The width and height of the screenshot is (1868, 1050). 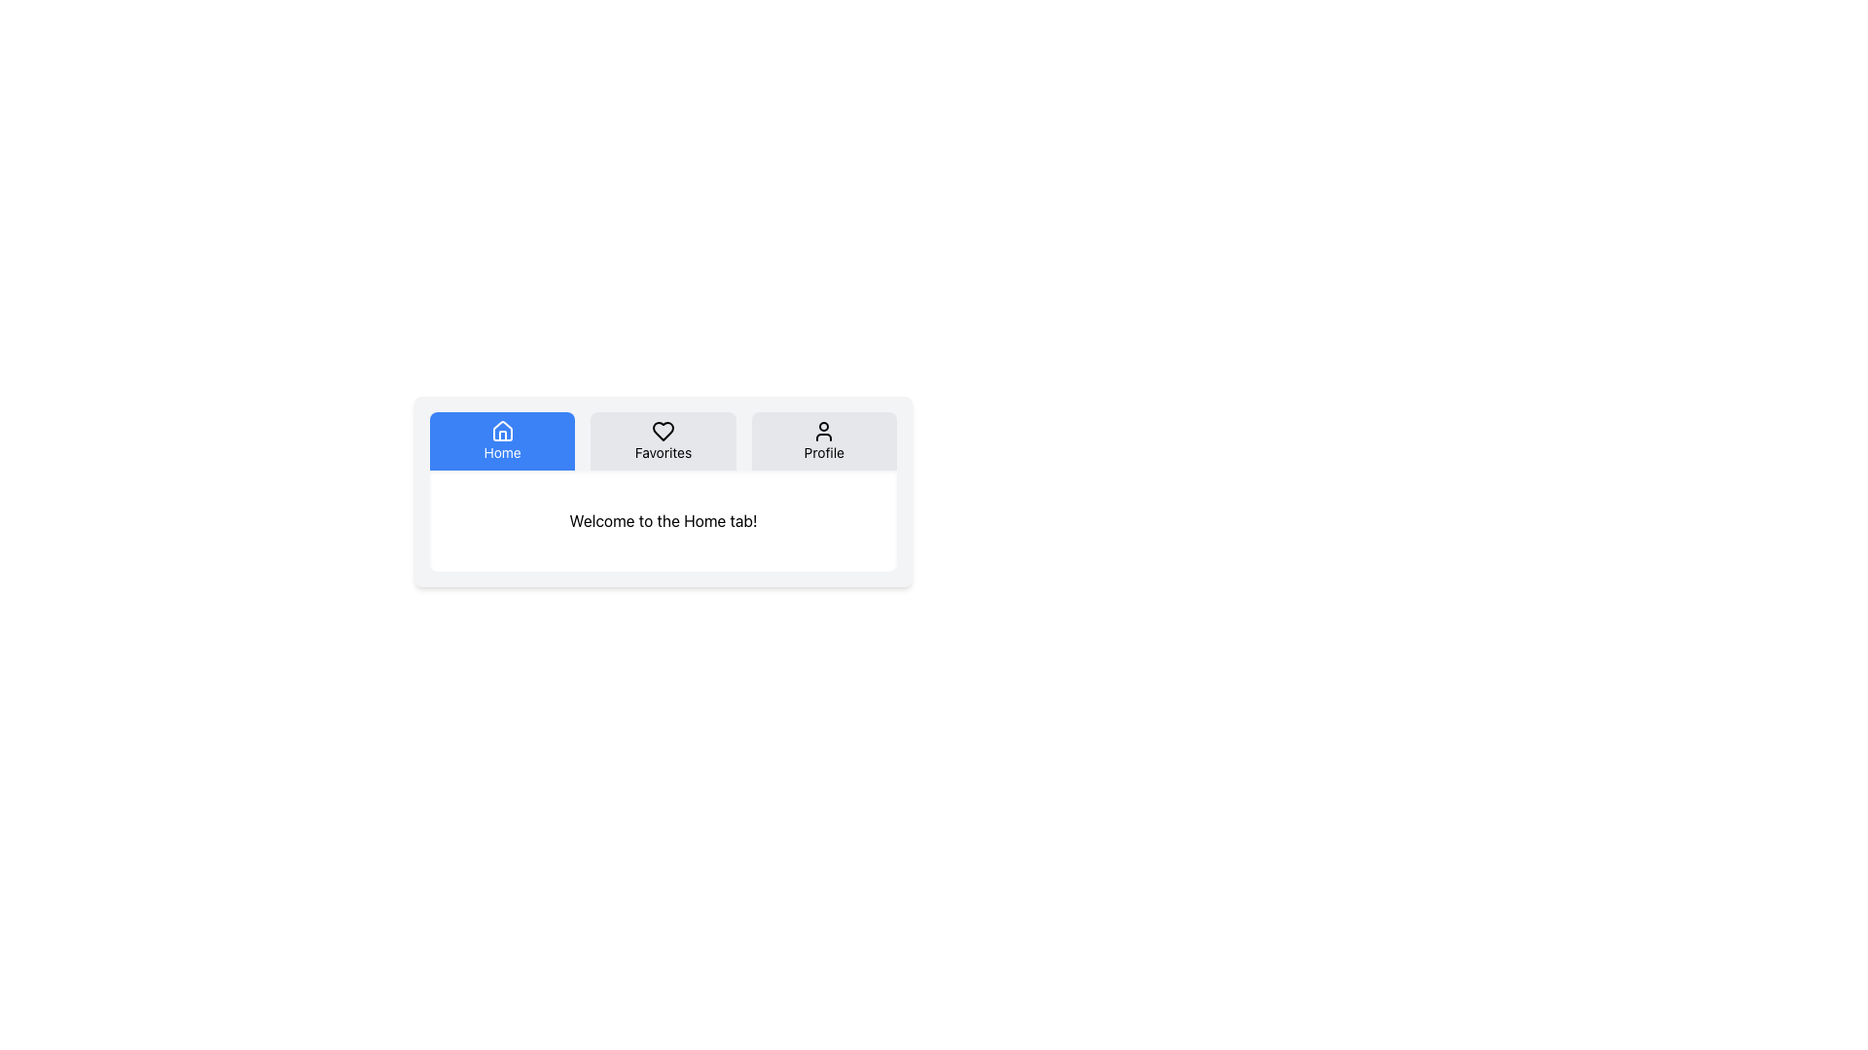 I want to click on the 'Profile' text label, which is styled in a small font and grayish appearance, located at the bottom of the 'Profile' tab in the tab button layout, so click(x=824, y=453).